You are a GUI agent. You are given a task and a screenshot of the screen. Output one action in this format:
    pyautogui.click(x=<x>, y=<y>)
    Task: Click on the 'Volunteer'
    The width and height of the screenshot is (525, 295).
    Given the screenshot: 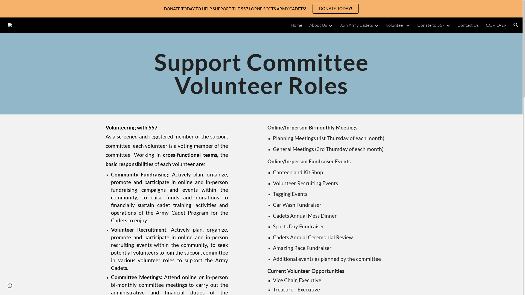 What is the action you would take?
    pyautogui.click(x=386, y=25)
    